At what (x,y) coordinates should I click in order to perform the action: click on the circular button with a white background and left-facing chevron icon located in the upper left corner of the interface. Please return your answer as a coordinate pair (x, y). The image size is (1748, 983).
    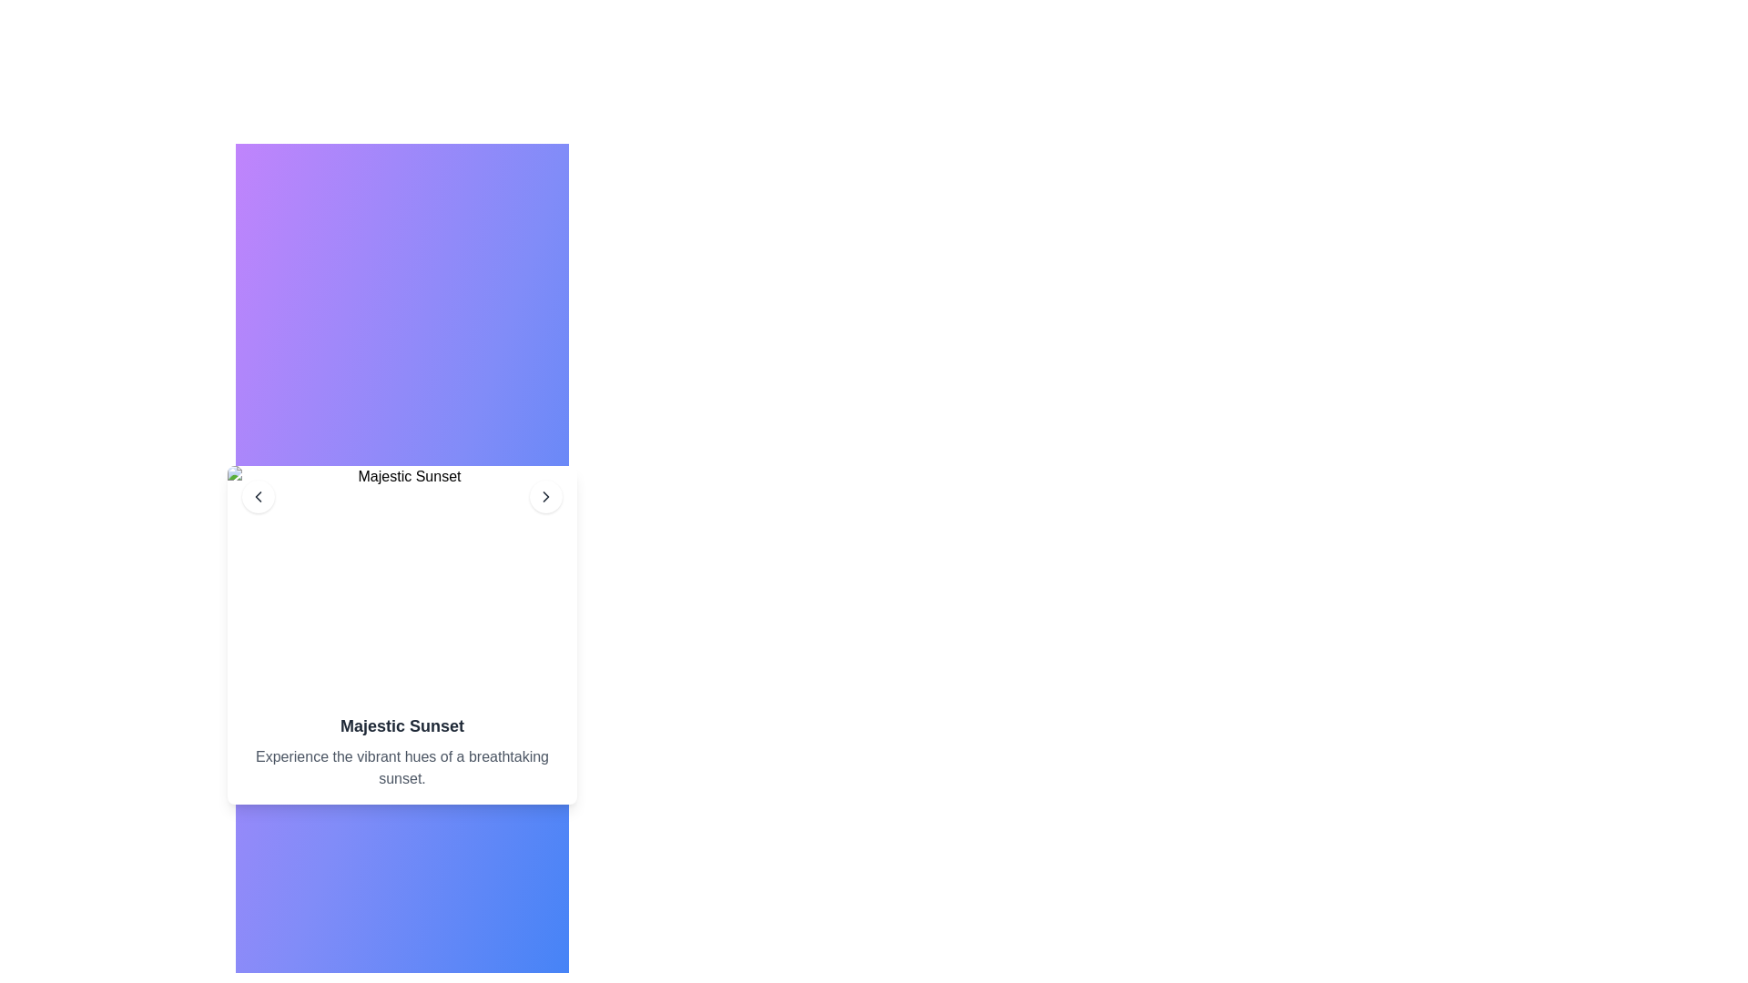
    Looking at the image, I should click on (257, 497).